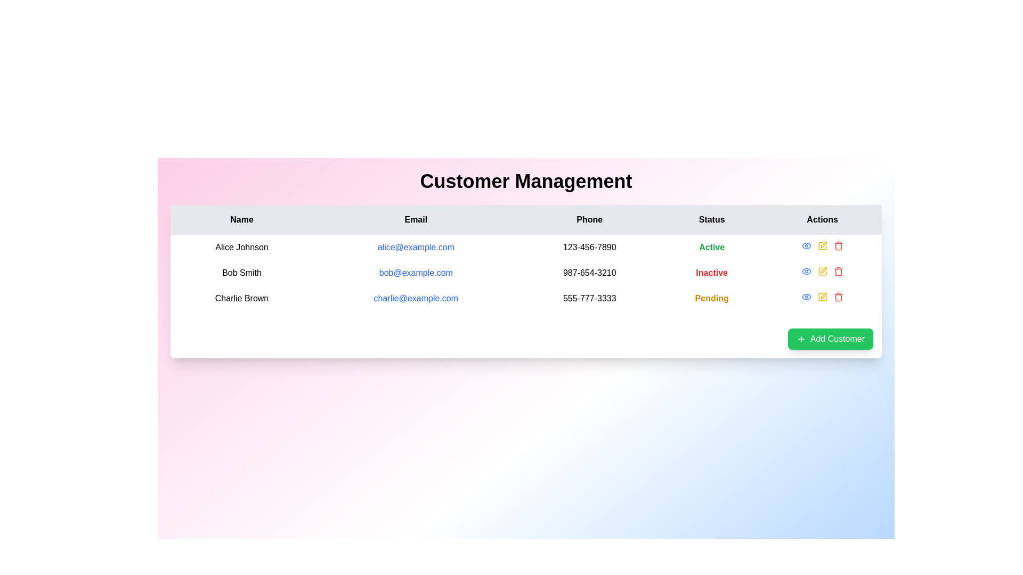 This screenshot has width=1023, height=575. Describe the element at coordinates (830, 339) in the screenshot. I see `the green 'Add Customer' button with rounded corners and a plus icon` at that location.